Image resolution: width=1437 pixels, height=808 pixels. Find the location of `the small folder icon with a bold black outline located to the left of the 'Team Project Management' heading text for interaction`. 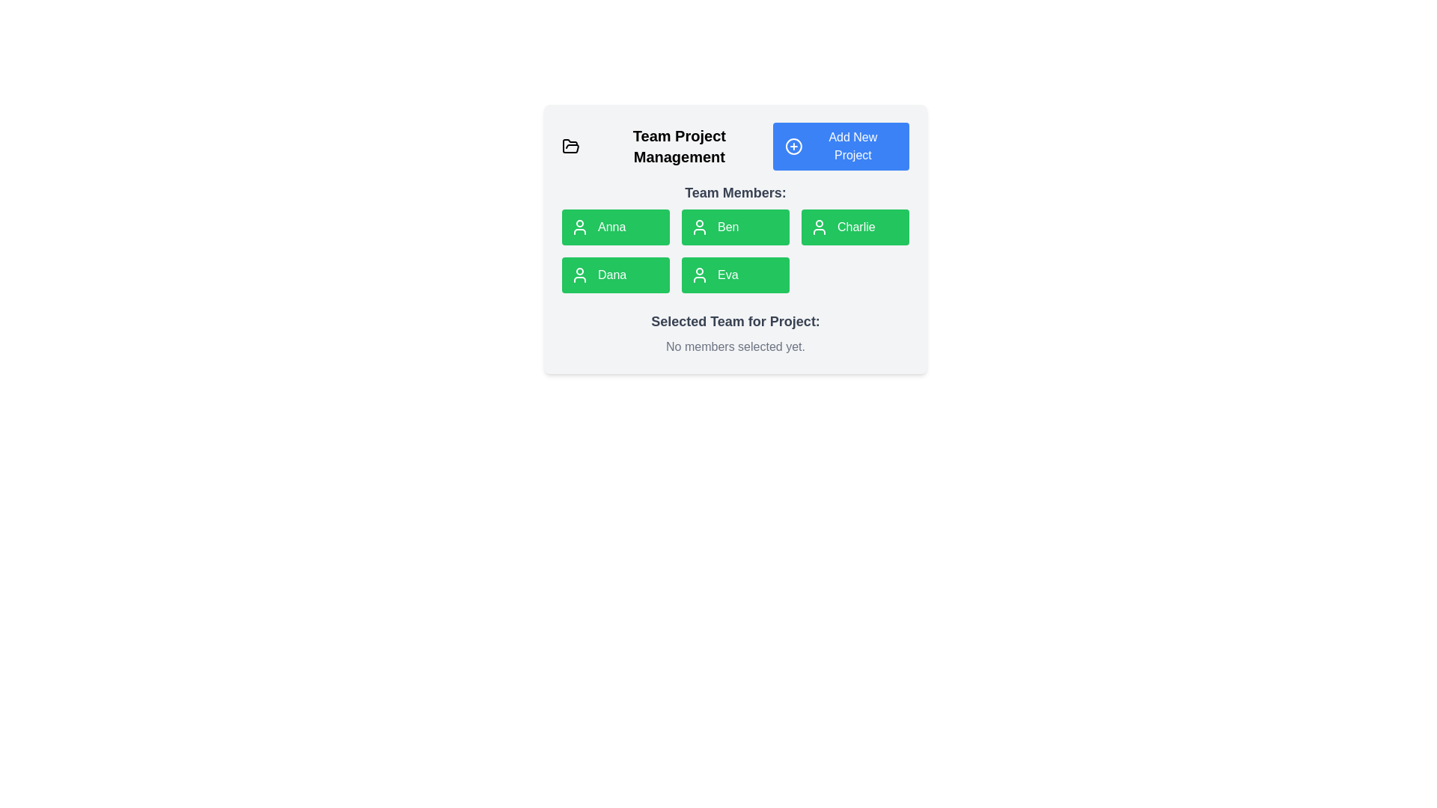

the small folder icon with a bold black outline located to the left of the 'Team Project Management' heading text for interaction is located at coordinates (570, 147).